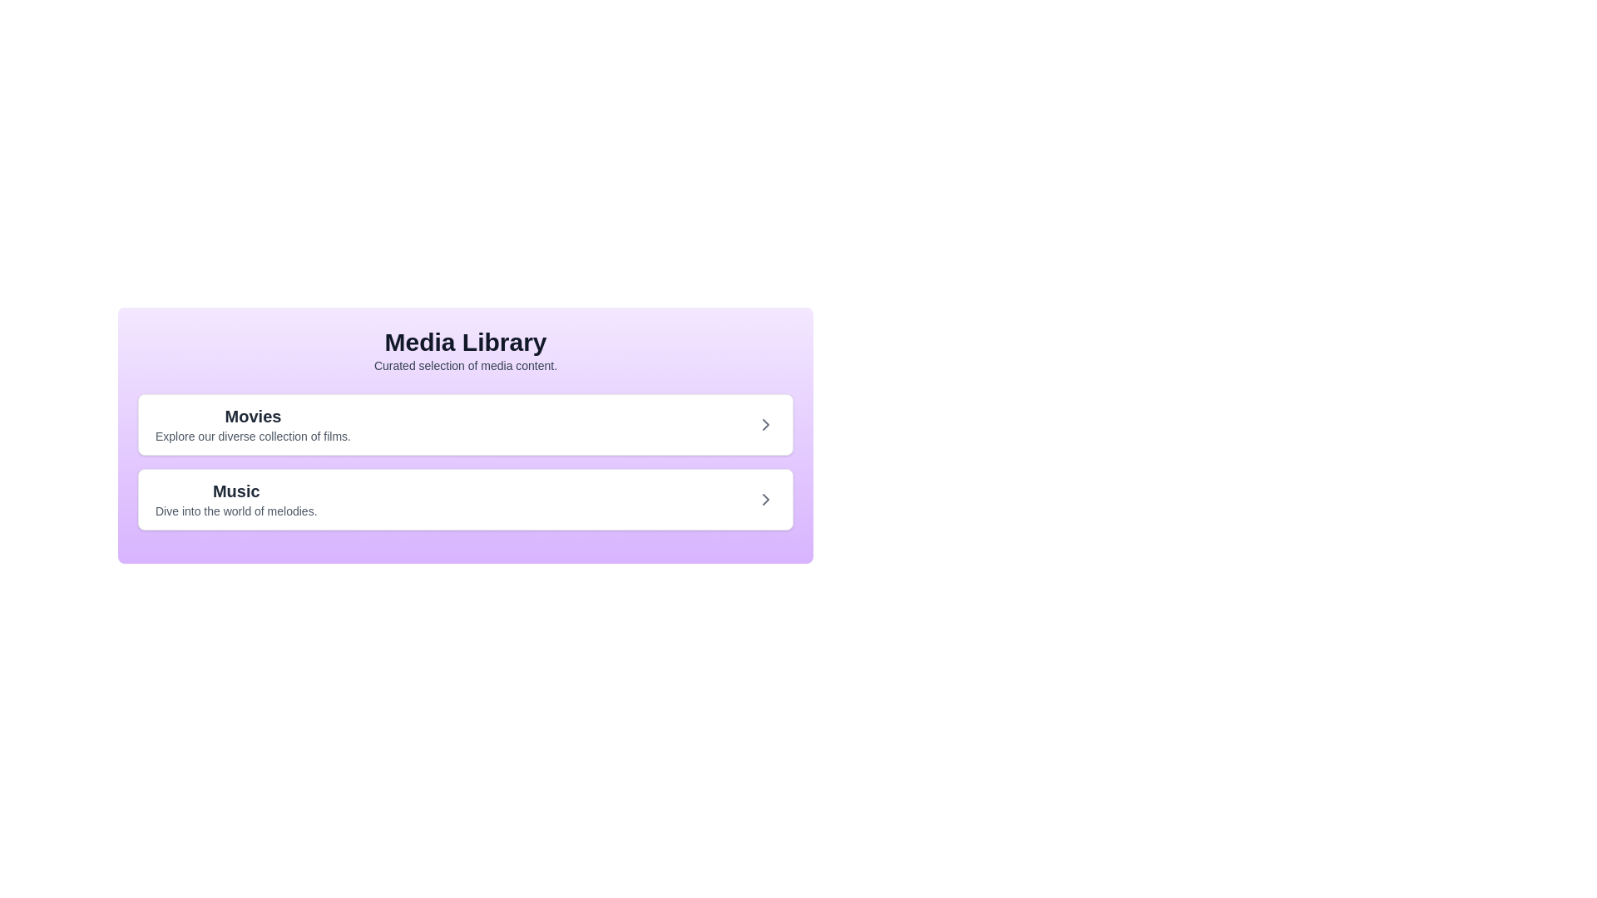  Describe the element at coordinates (765, 423) in the screenshot. I see `the chevron arrow icon in the 'Movies' section of the Media Library panel` at that location.